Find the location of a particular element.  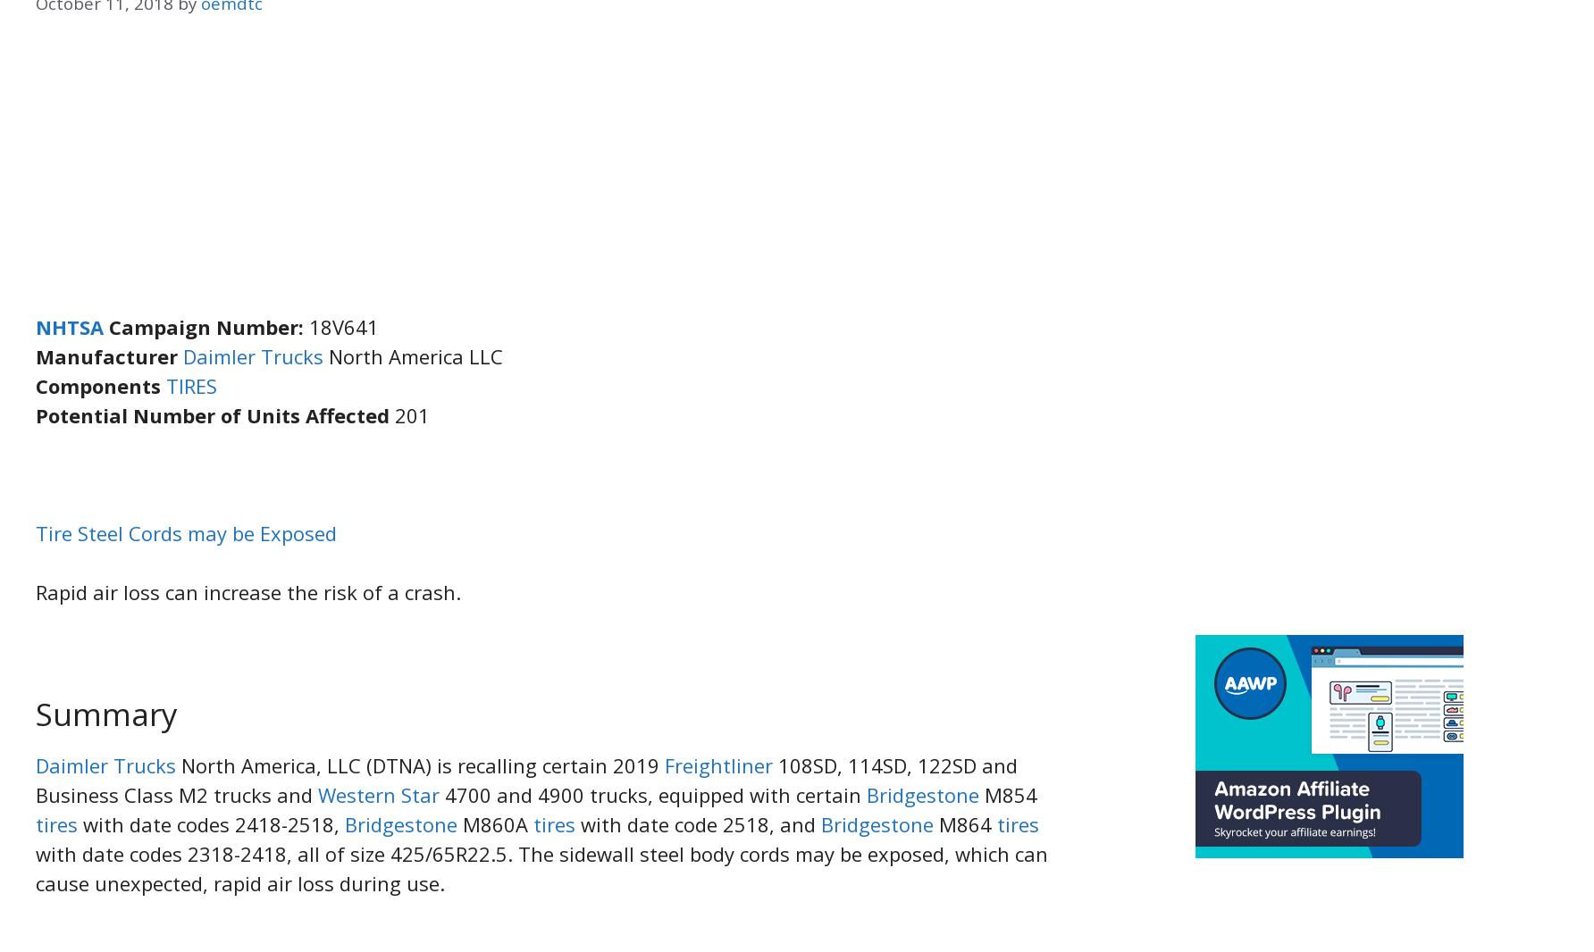

'Rapid air loss can increase the risk of a crash.' is located at coordinates (35, 591).